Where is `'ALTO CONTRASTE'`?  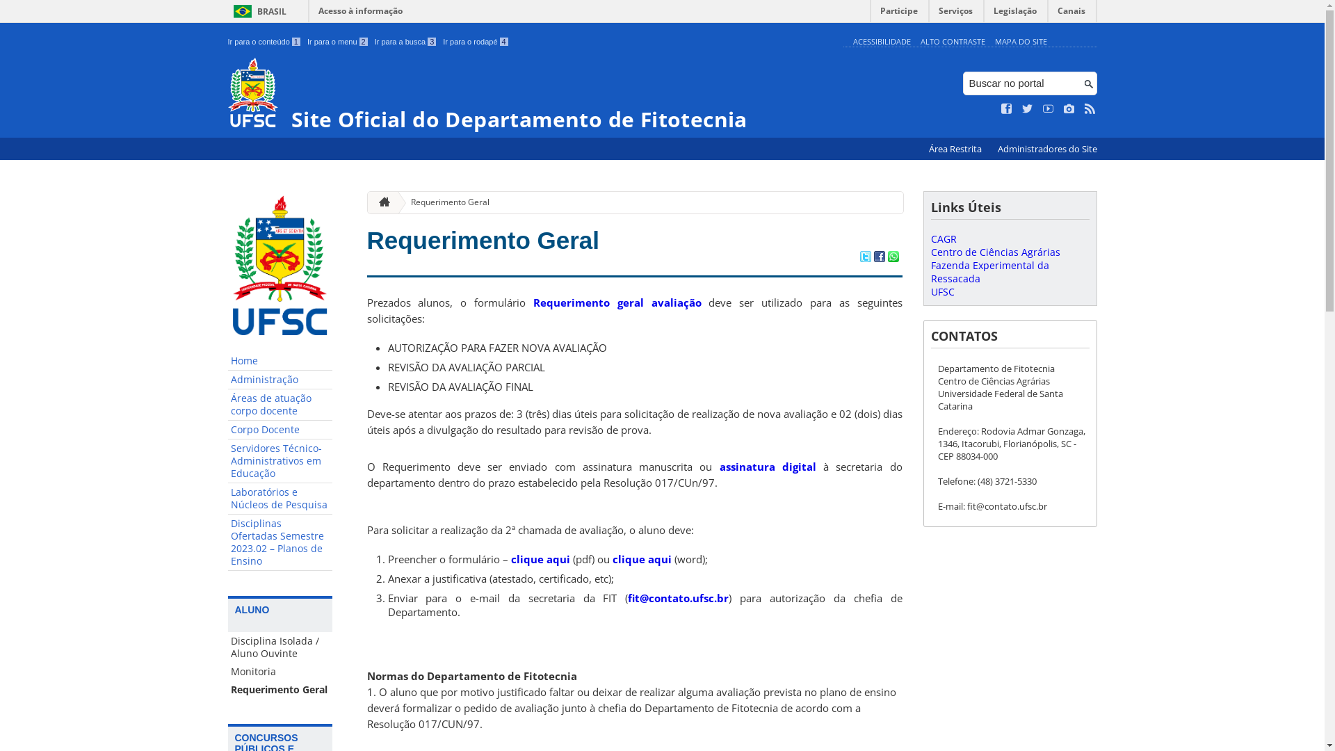
'ALTO CONTRASTE' is located at coordinates (952, 40).